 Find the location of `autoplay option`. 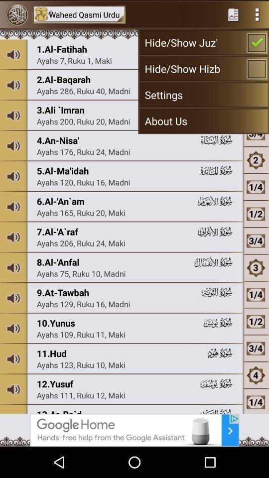

autoplay option is located at coordinates (257, 14).